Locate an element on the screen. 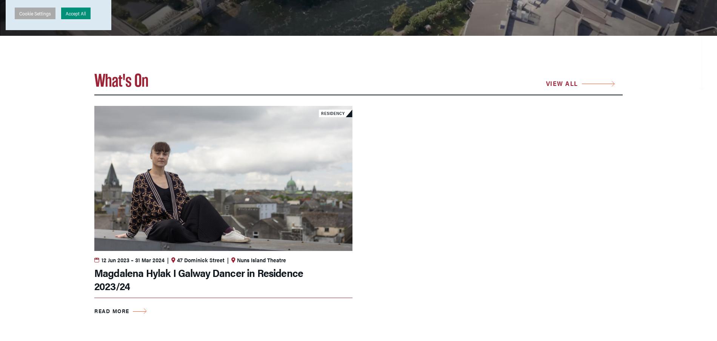 Image resolution: width=717 pixels, height=341 pixels. 'Magdalena Hylak I Galway Dancer in Residence 2023/24' is located at coordinates (94, 278).